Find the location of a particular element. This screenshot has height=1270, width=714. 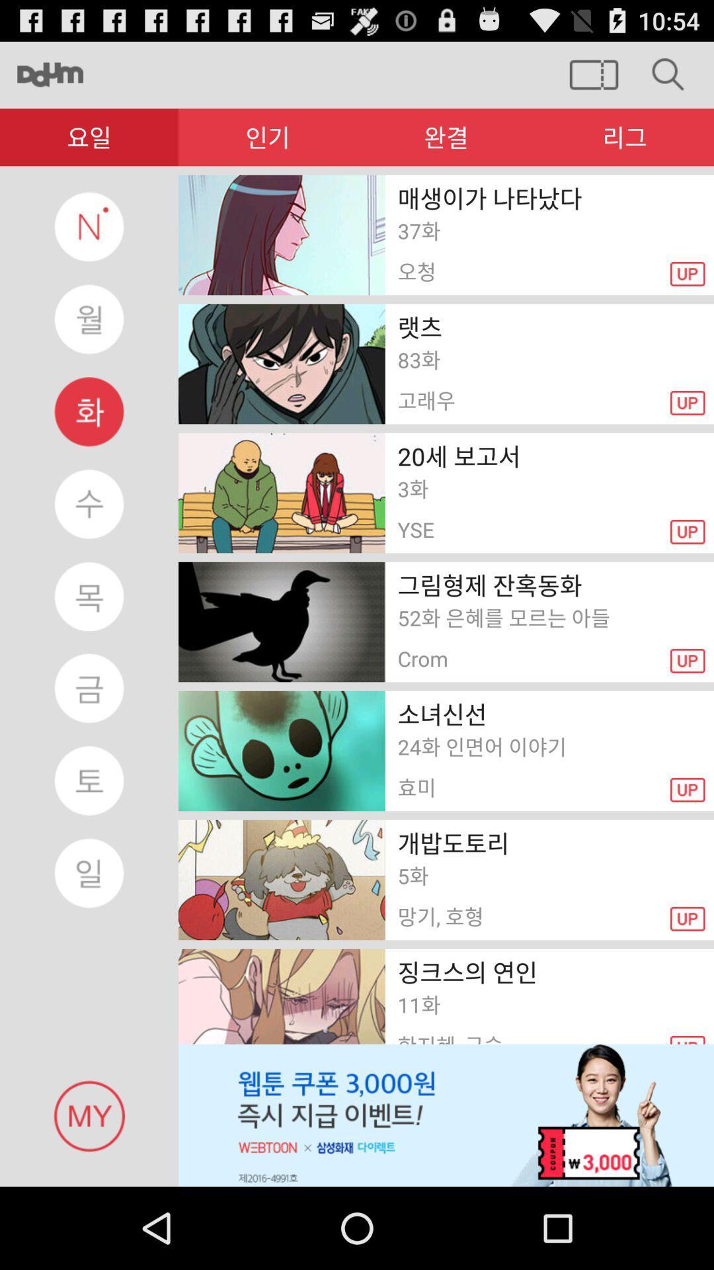

the last symbol in red color bar is located at coordinates (625, 137).